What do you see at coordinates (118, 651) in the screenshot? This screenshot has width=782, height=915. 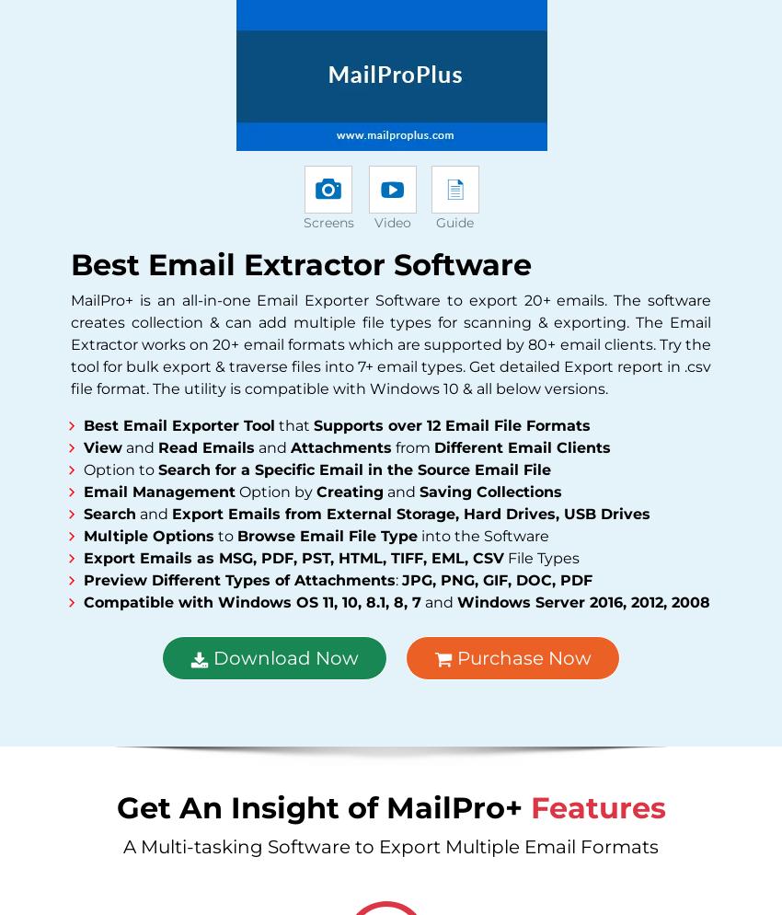 I see `'Follow Us'` at bounding box center [118, 651].